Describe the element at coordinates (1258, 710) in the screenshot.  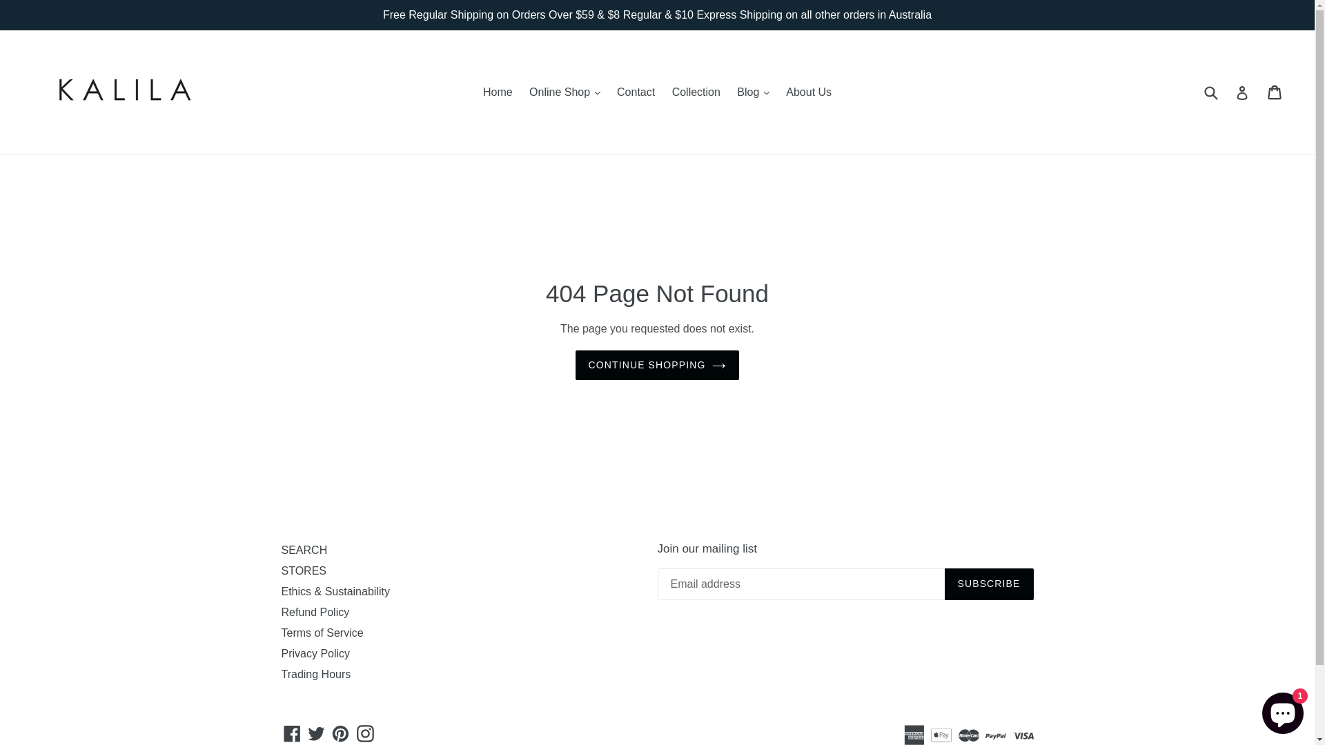
I see `'Shopify online store chat'` at that location.